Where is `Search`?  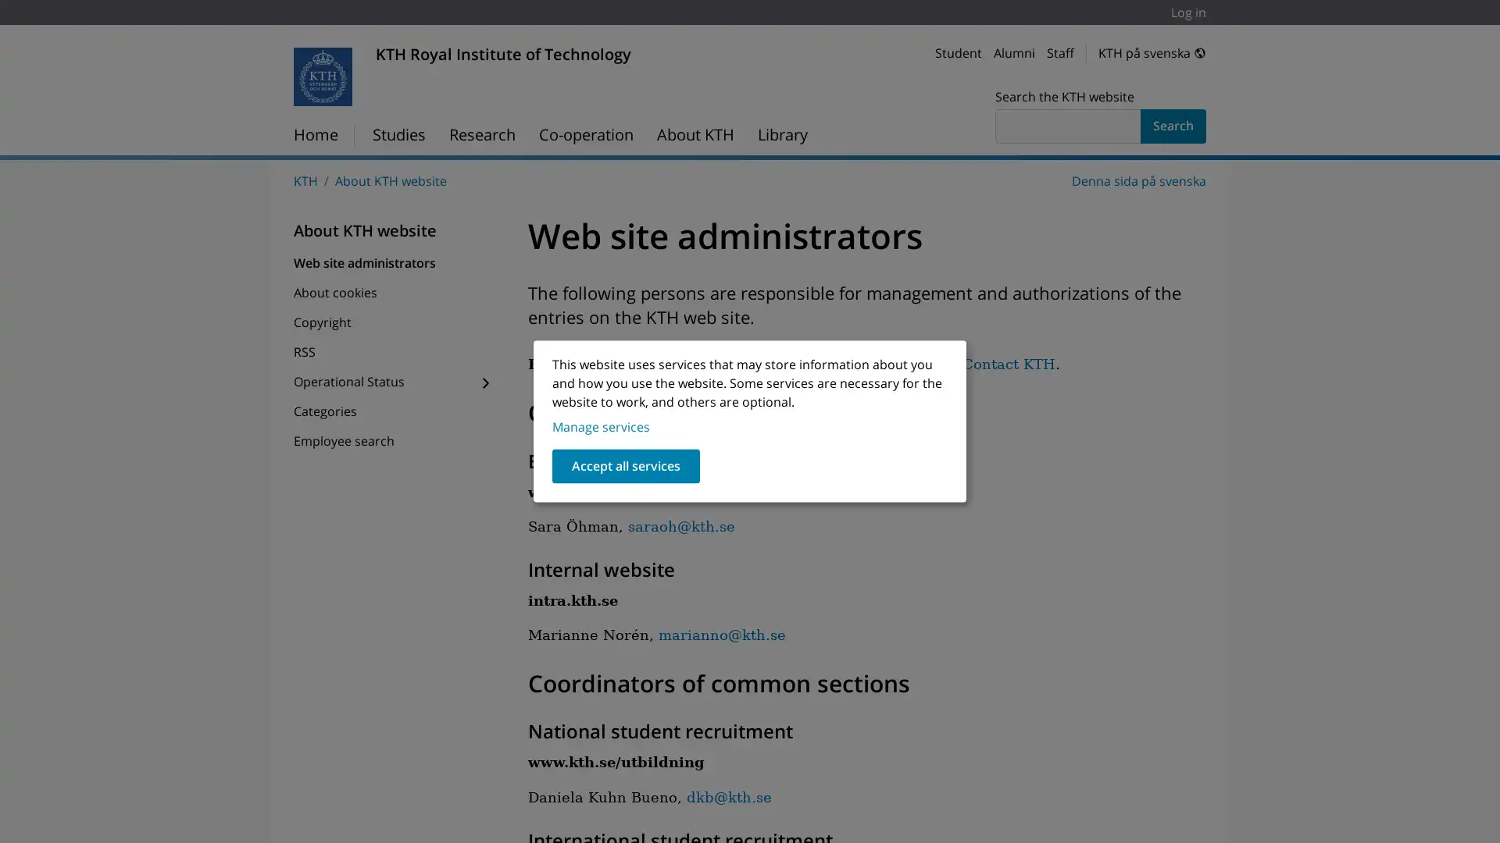 Search is located at coordinates (1173, 126).